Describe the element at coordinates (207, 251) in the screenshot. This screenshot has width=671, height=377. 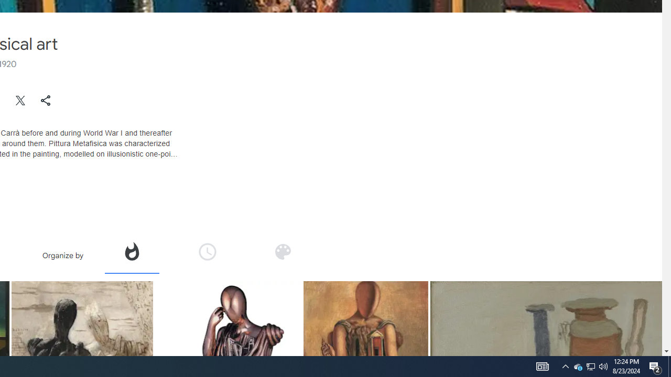
I see `'Organize by time'` at that location.